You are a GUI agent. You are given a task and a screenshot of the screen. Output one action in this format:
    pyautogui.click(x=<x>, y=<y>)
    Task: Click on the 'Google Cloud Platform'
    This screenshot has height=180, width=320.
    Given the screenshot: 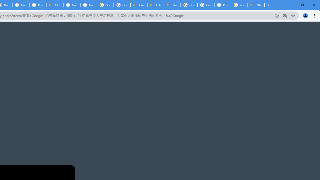 What is the action you would take?
    pyautogui.click(x=206, y=5)
    